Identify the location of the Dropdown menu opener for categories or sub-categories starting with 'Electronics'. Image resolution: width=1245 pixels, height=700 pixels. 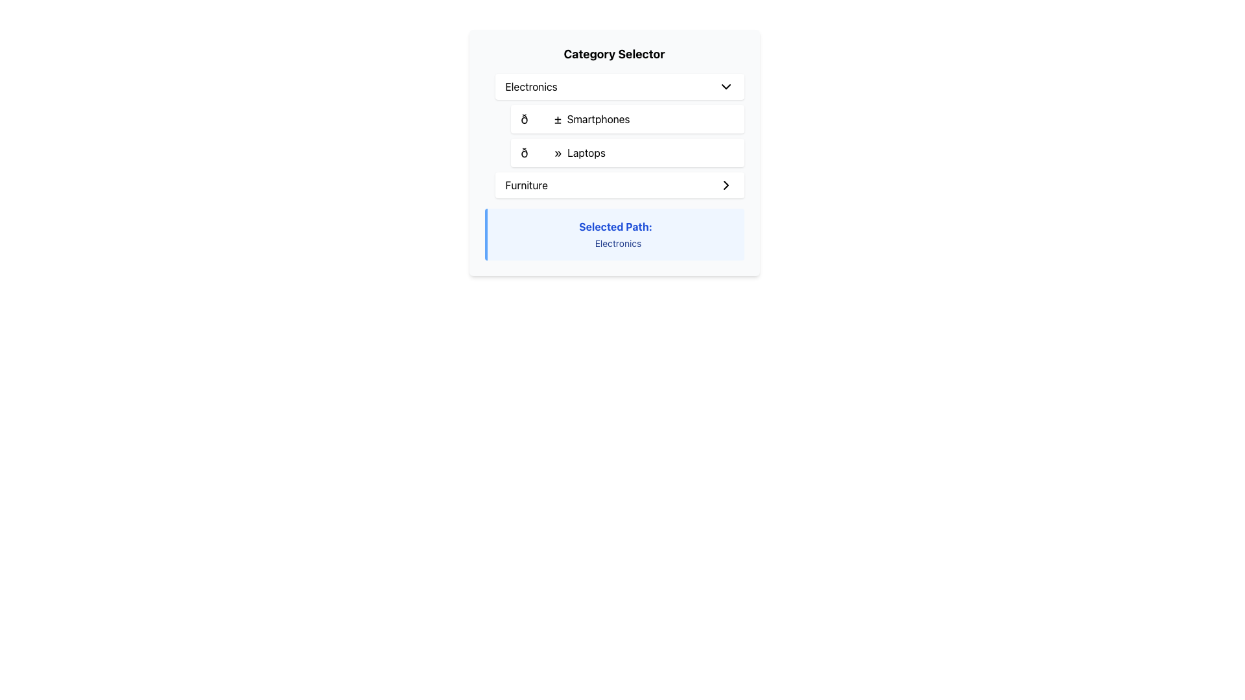
(619, 87).